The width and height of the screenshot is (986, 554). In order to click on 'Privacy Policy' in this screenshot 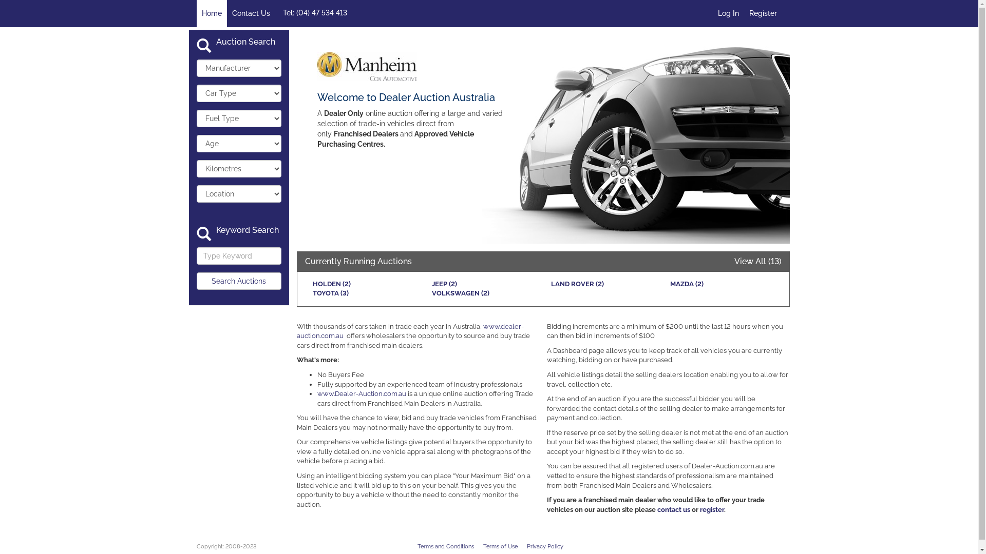, I will do `click(544, 546)`.